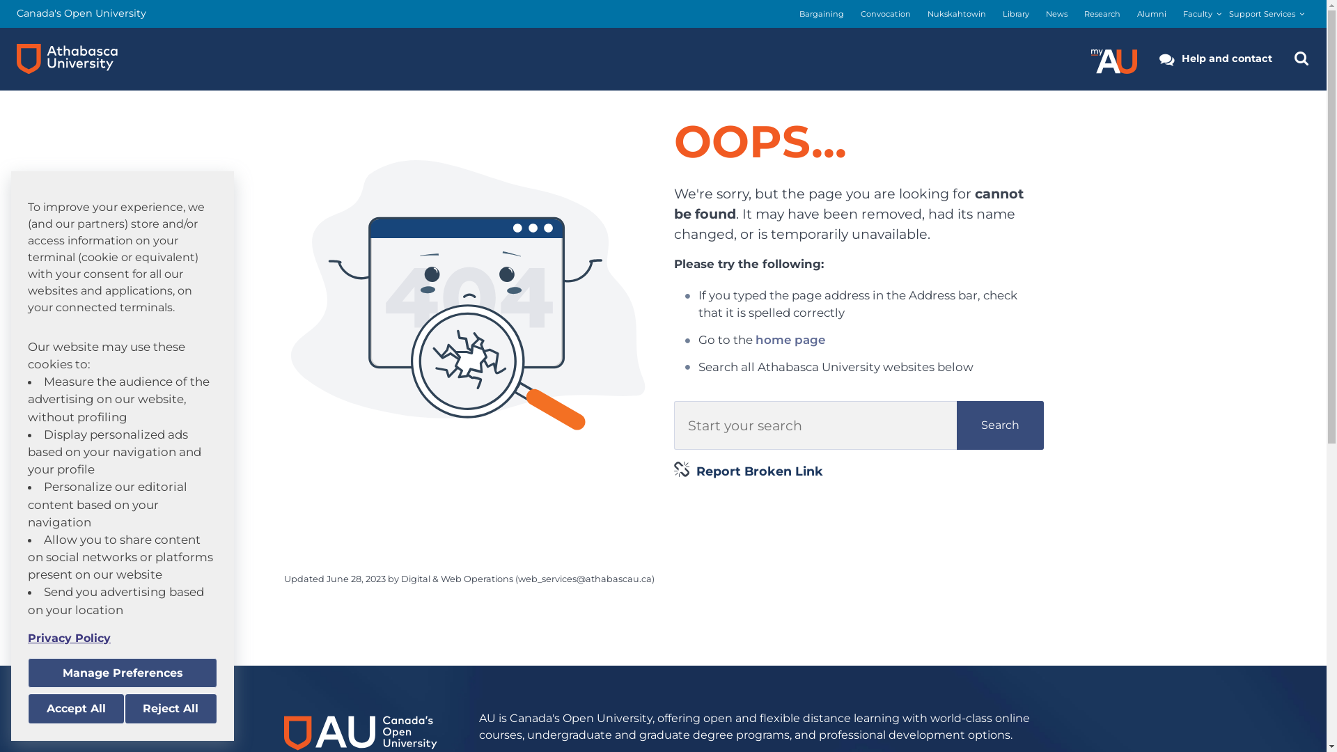 The width and height of the screenshot is (1337, 752). Describe the element at coordinates (1300, 58) in the screenshot. I see `'Search the Athabasca University Website'` at that location.